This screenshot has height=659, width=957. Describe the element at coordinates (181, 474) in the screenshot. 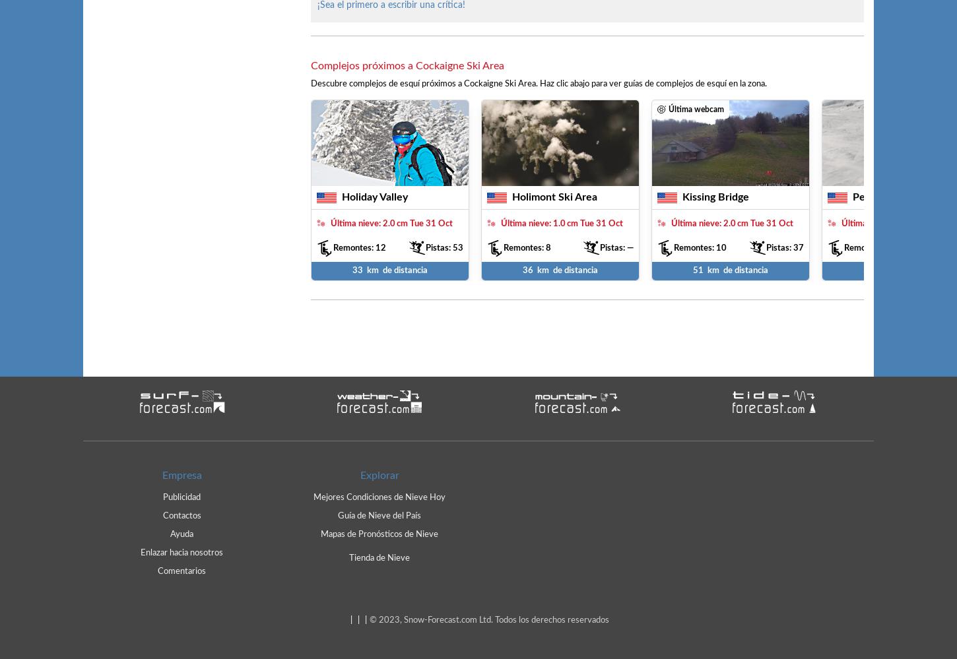

I see `'Empresa'` at that location.